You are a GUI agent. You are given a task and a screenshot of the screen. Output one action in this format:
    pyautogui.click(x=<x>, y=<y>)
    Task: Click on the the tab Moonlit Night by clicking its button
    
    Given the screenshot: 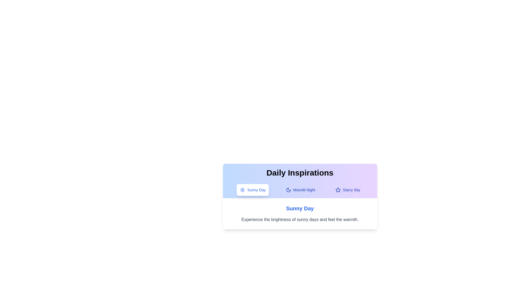 What is the action you would take?
    pyautogui.click(x=300, y=189)
    